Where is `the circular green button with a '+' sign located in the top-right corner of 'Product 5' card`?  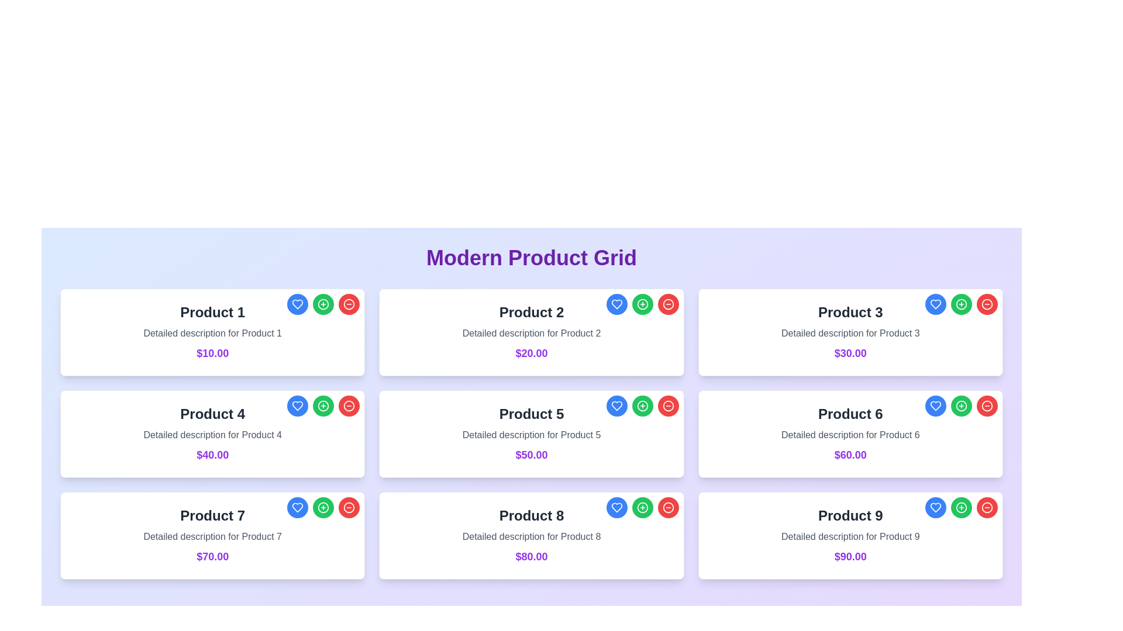 the circular green button with a '+' sign located in the top-right corner of 'Product 5' card is located at coordinates (642, 405).